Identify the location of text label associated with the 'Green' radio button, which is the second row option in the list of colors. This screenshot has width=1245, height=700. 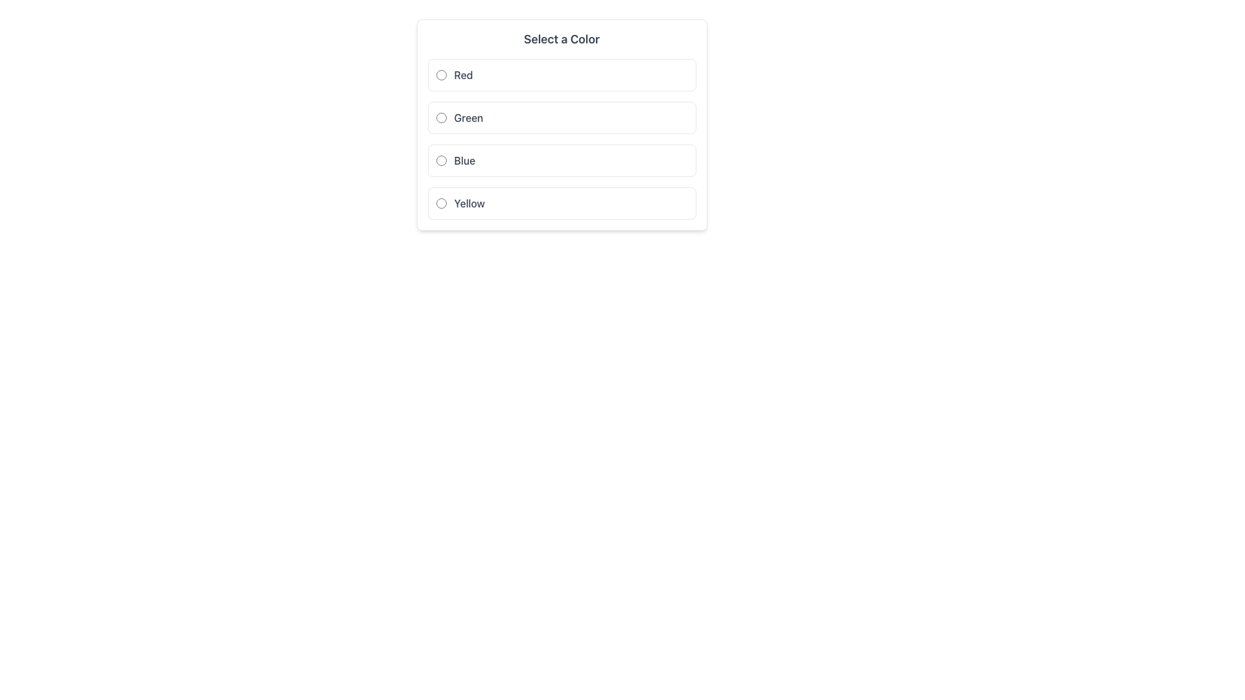
(468, 117).